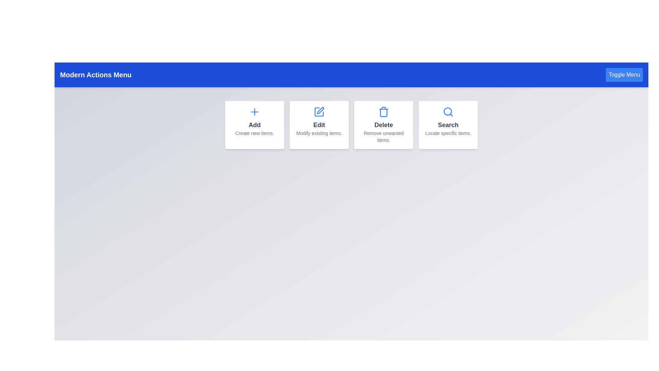 This screenshot has width=659, height=371. I want to click on the 'Add' icon to initiate the creation of new items, so click(254, 112).